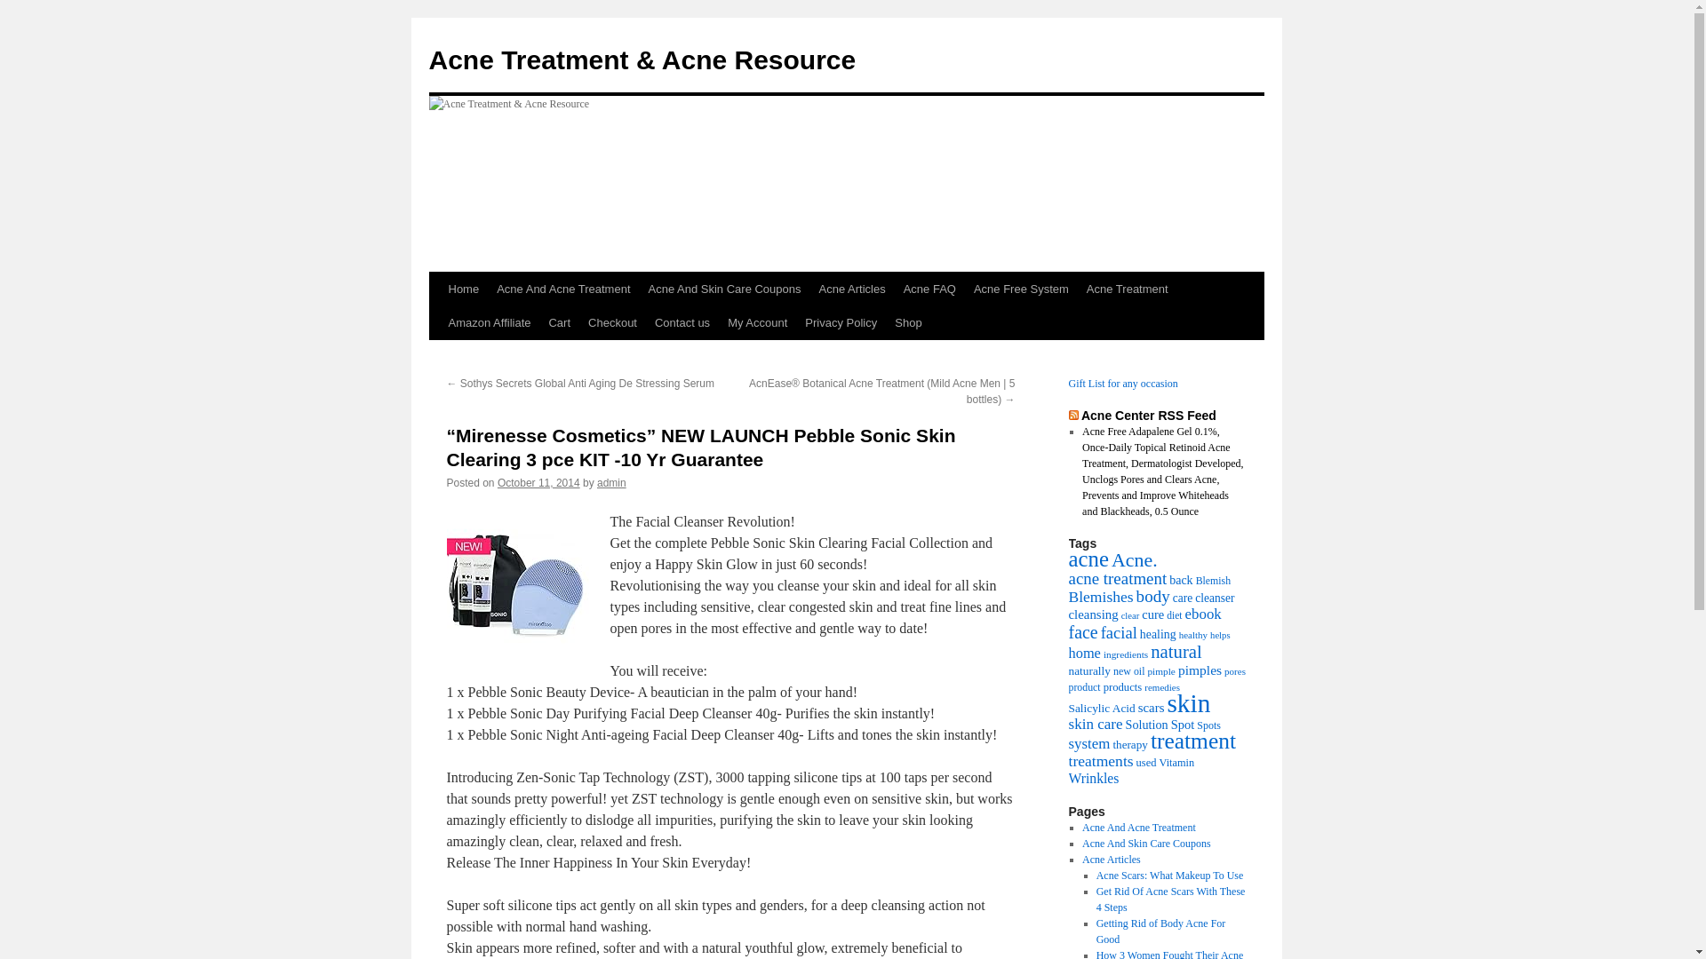 Image resolution: width=1706 pixels, height=959 pixels. What do you see at coordinates (1203, 613) in the screenshot?
I see `'ebook'` at bounding box center [1203, 613].